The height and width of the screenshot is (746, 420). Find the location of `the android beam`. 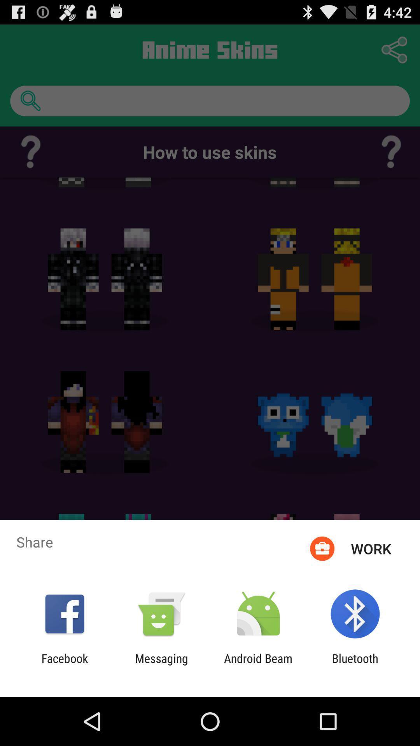

the android beam is located at coordinates (258, 665).